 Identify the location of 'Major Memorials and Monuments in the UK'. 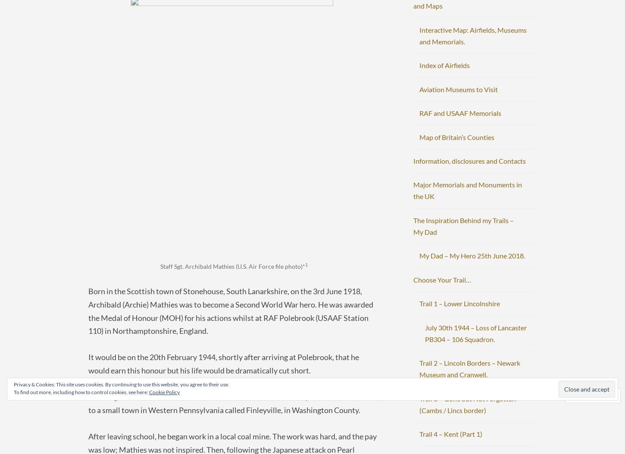
(468, 190).